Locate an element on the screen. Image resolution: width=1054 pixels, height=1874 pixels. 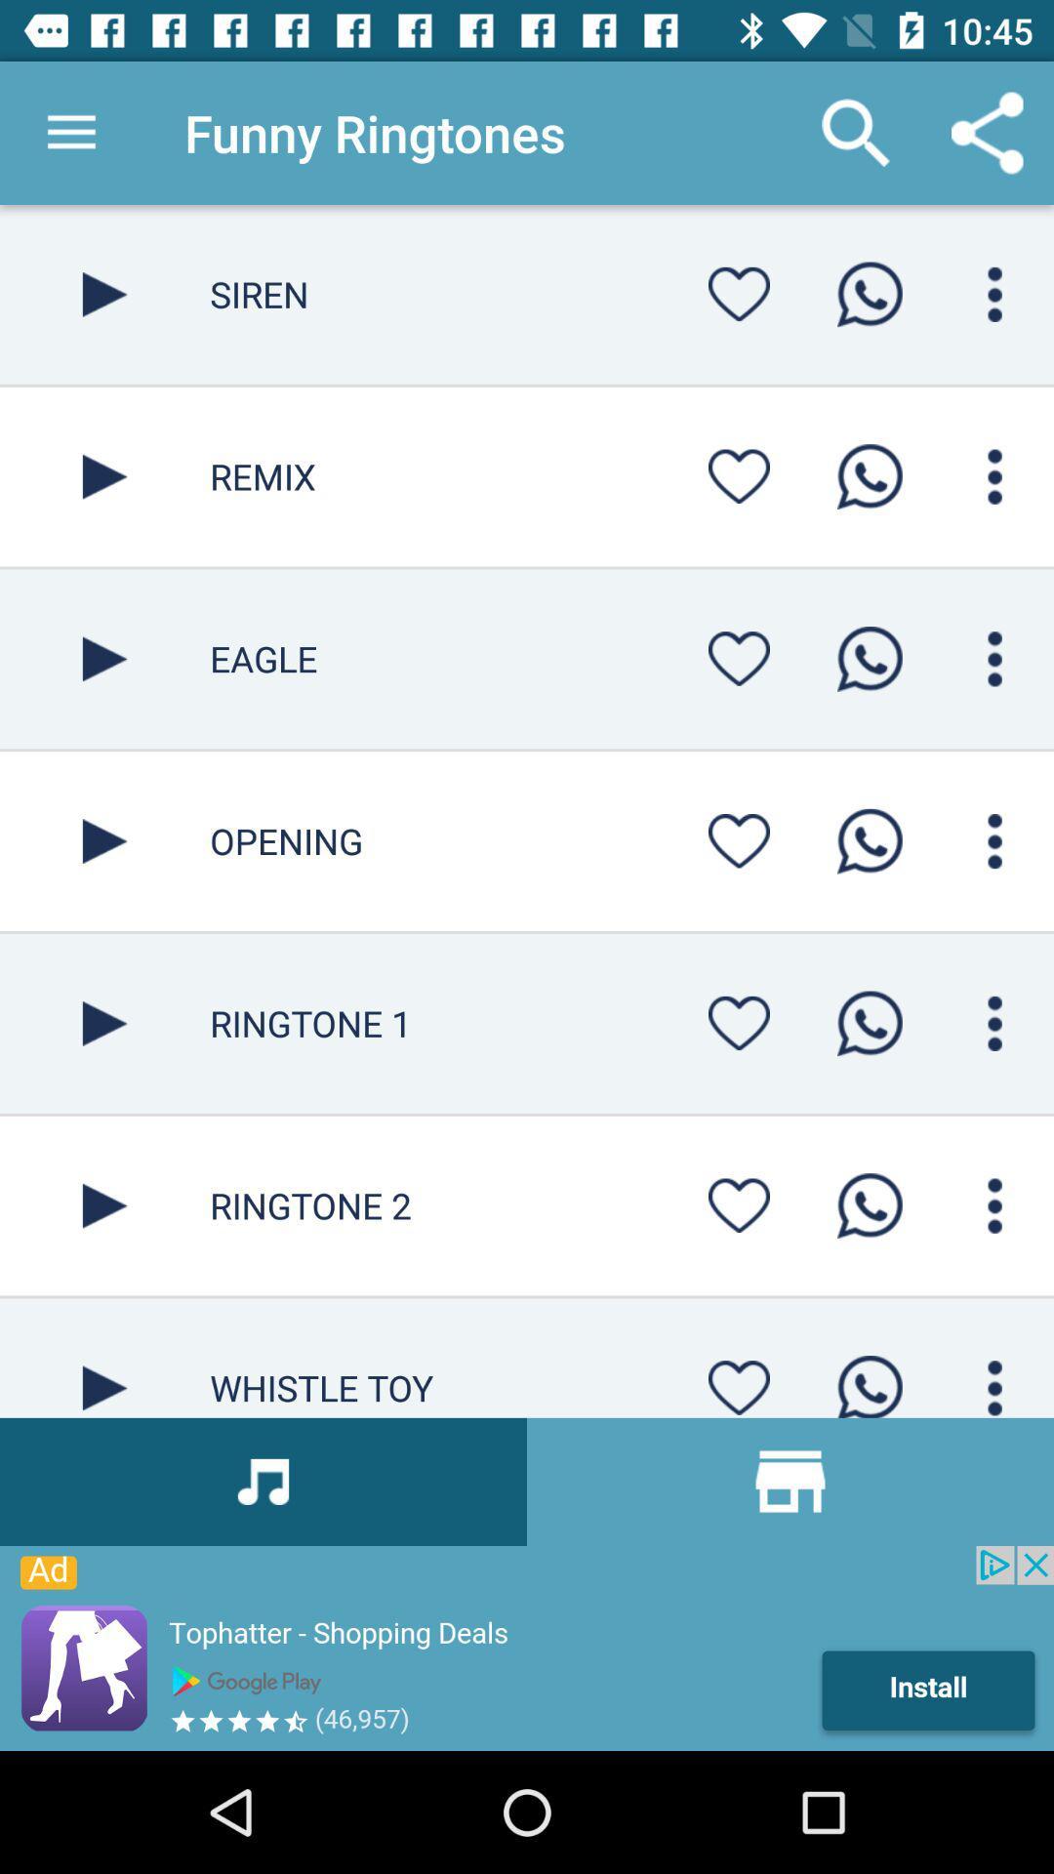
button is located at coordinates (739, 659).